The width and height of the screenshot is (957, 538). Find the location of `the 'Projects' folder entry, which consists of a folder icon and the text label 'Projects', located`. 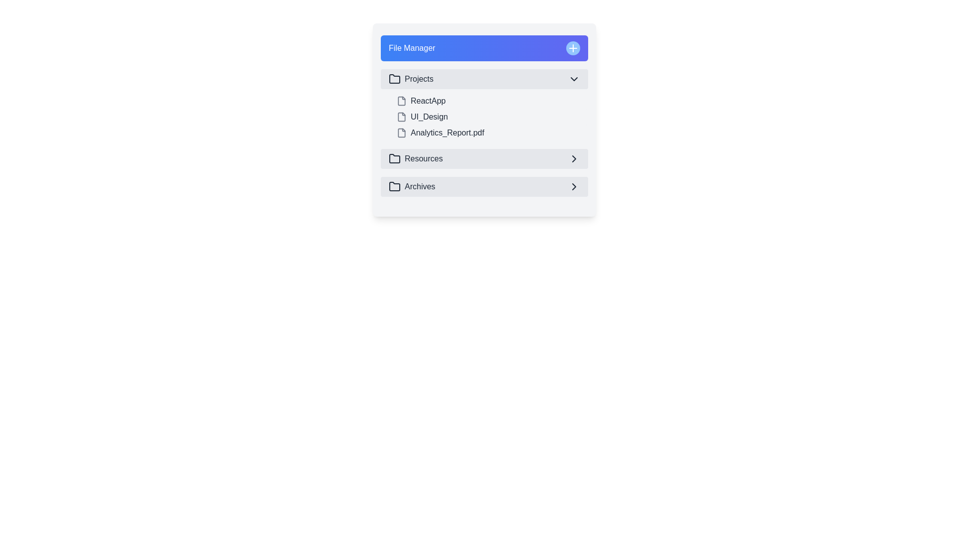

the 'Projects' folder entry, which consists of a folder icon and the text label 'Projects', located is located at coordinates (411, 78).